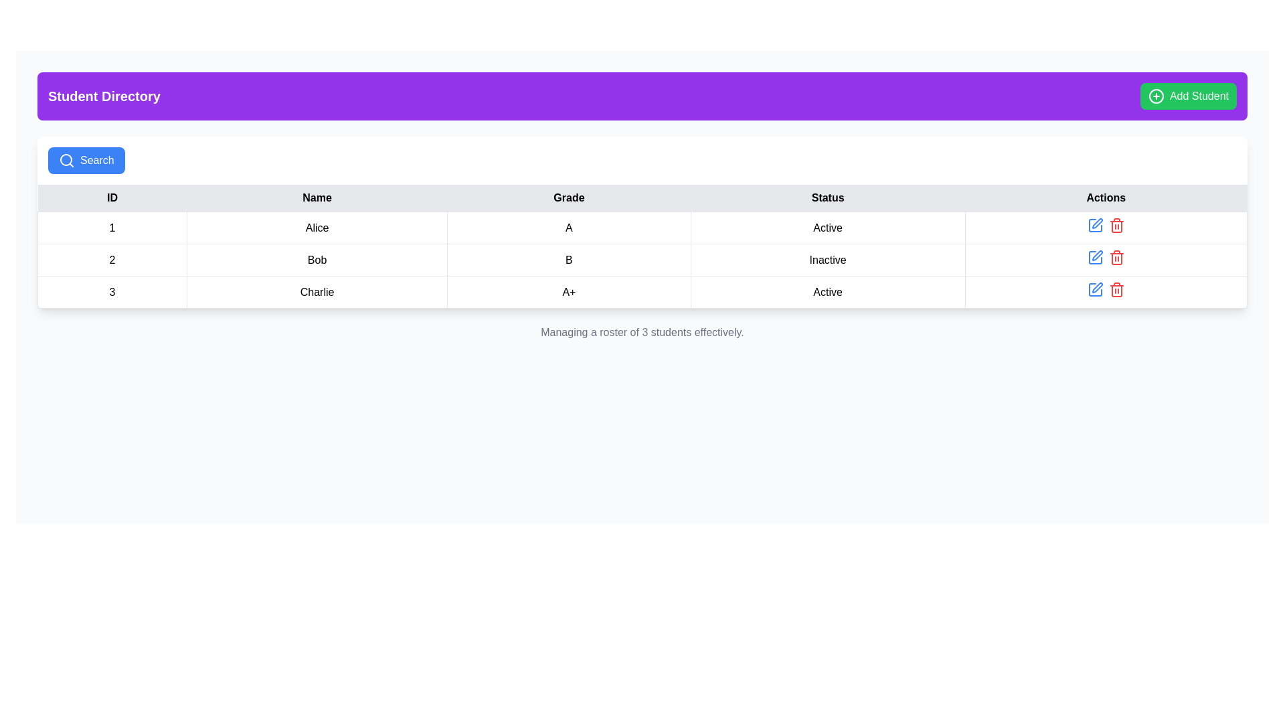  I want to click on the green 'Add Student' button with rounded corners located in the top purple header bar, so click(1189, 95).